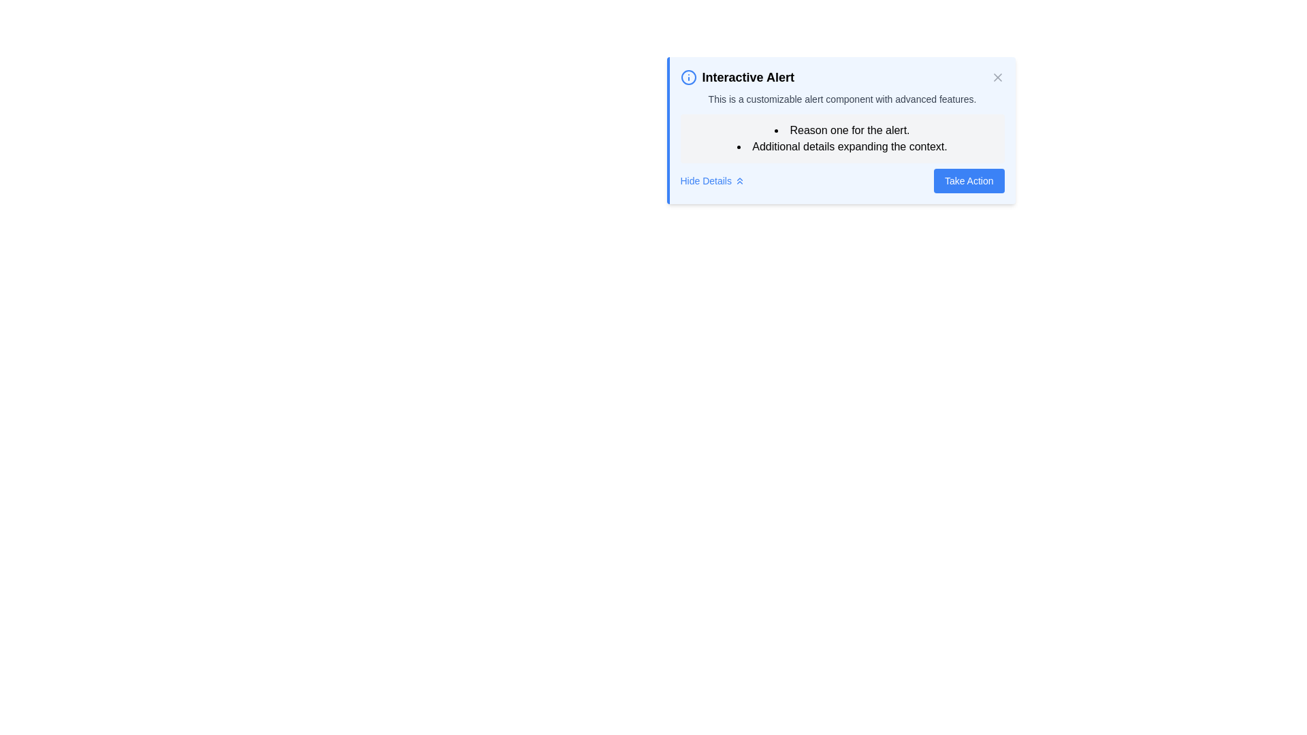 The height and width of the screenshot is (735, 1307). What do you see at coordinates (997, 78) in the screenshot?
I see `the close/dismiss icon located in the top-right corner of the 'Interactive Alert' dialog box` at bounding box center [997, 78].